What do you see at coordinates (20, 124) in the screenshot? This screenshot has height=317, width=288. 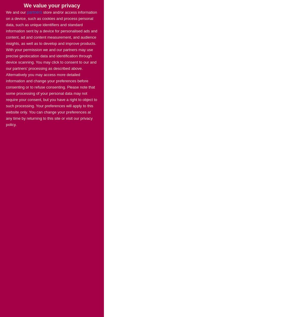 I see `'Owain Thomas'` at bounding box center [20, 124].